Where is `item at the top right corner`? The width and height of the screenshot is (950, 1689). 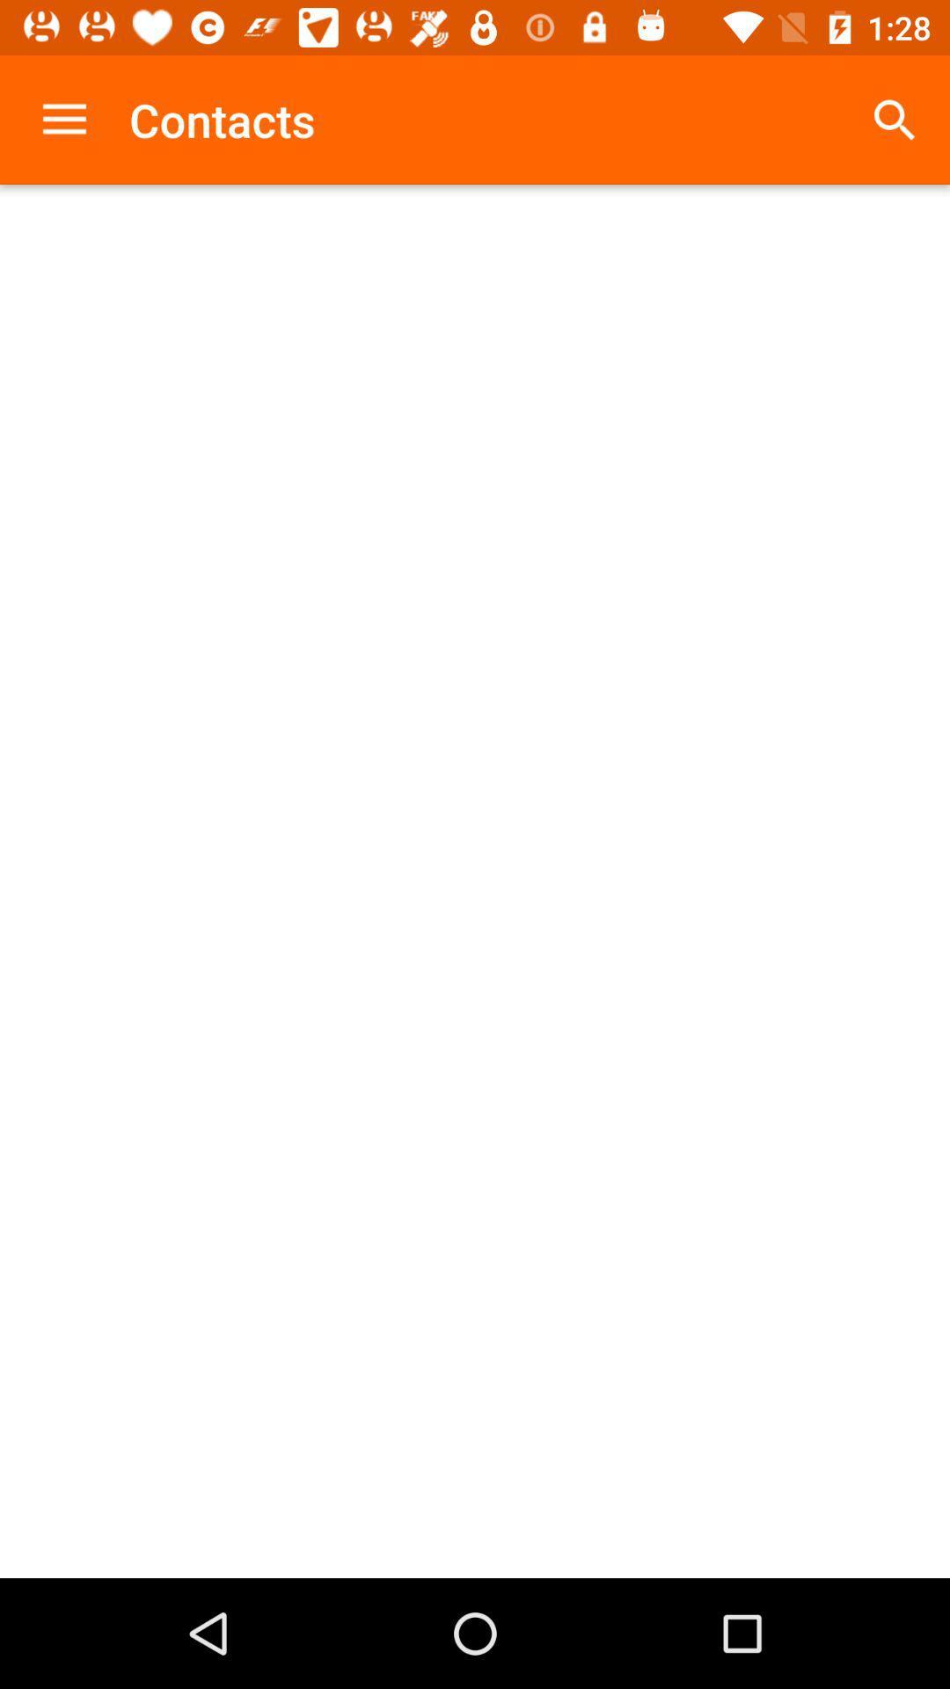 item at the top right corner is located at coordinates (895, 119).